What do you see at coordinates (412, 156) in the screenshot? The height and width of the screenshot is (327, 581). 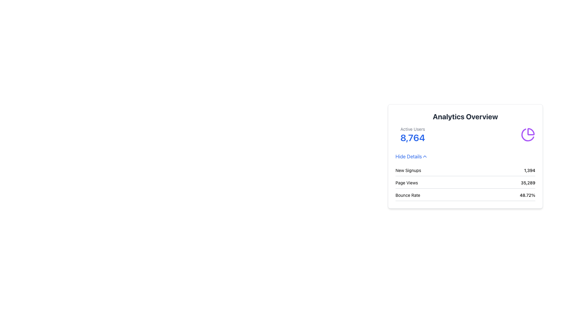 I see `the blue 'Hide Details' button located below the 'Active Users' figure in the 'Analytics Overview' section to hide the details section` at bounding box center [412, 156].